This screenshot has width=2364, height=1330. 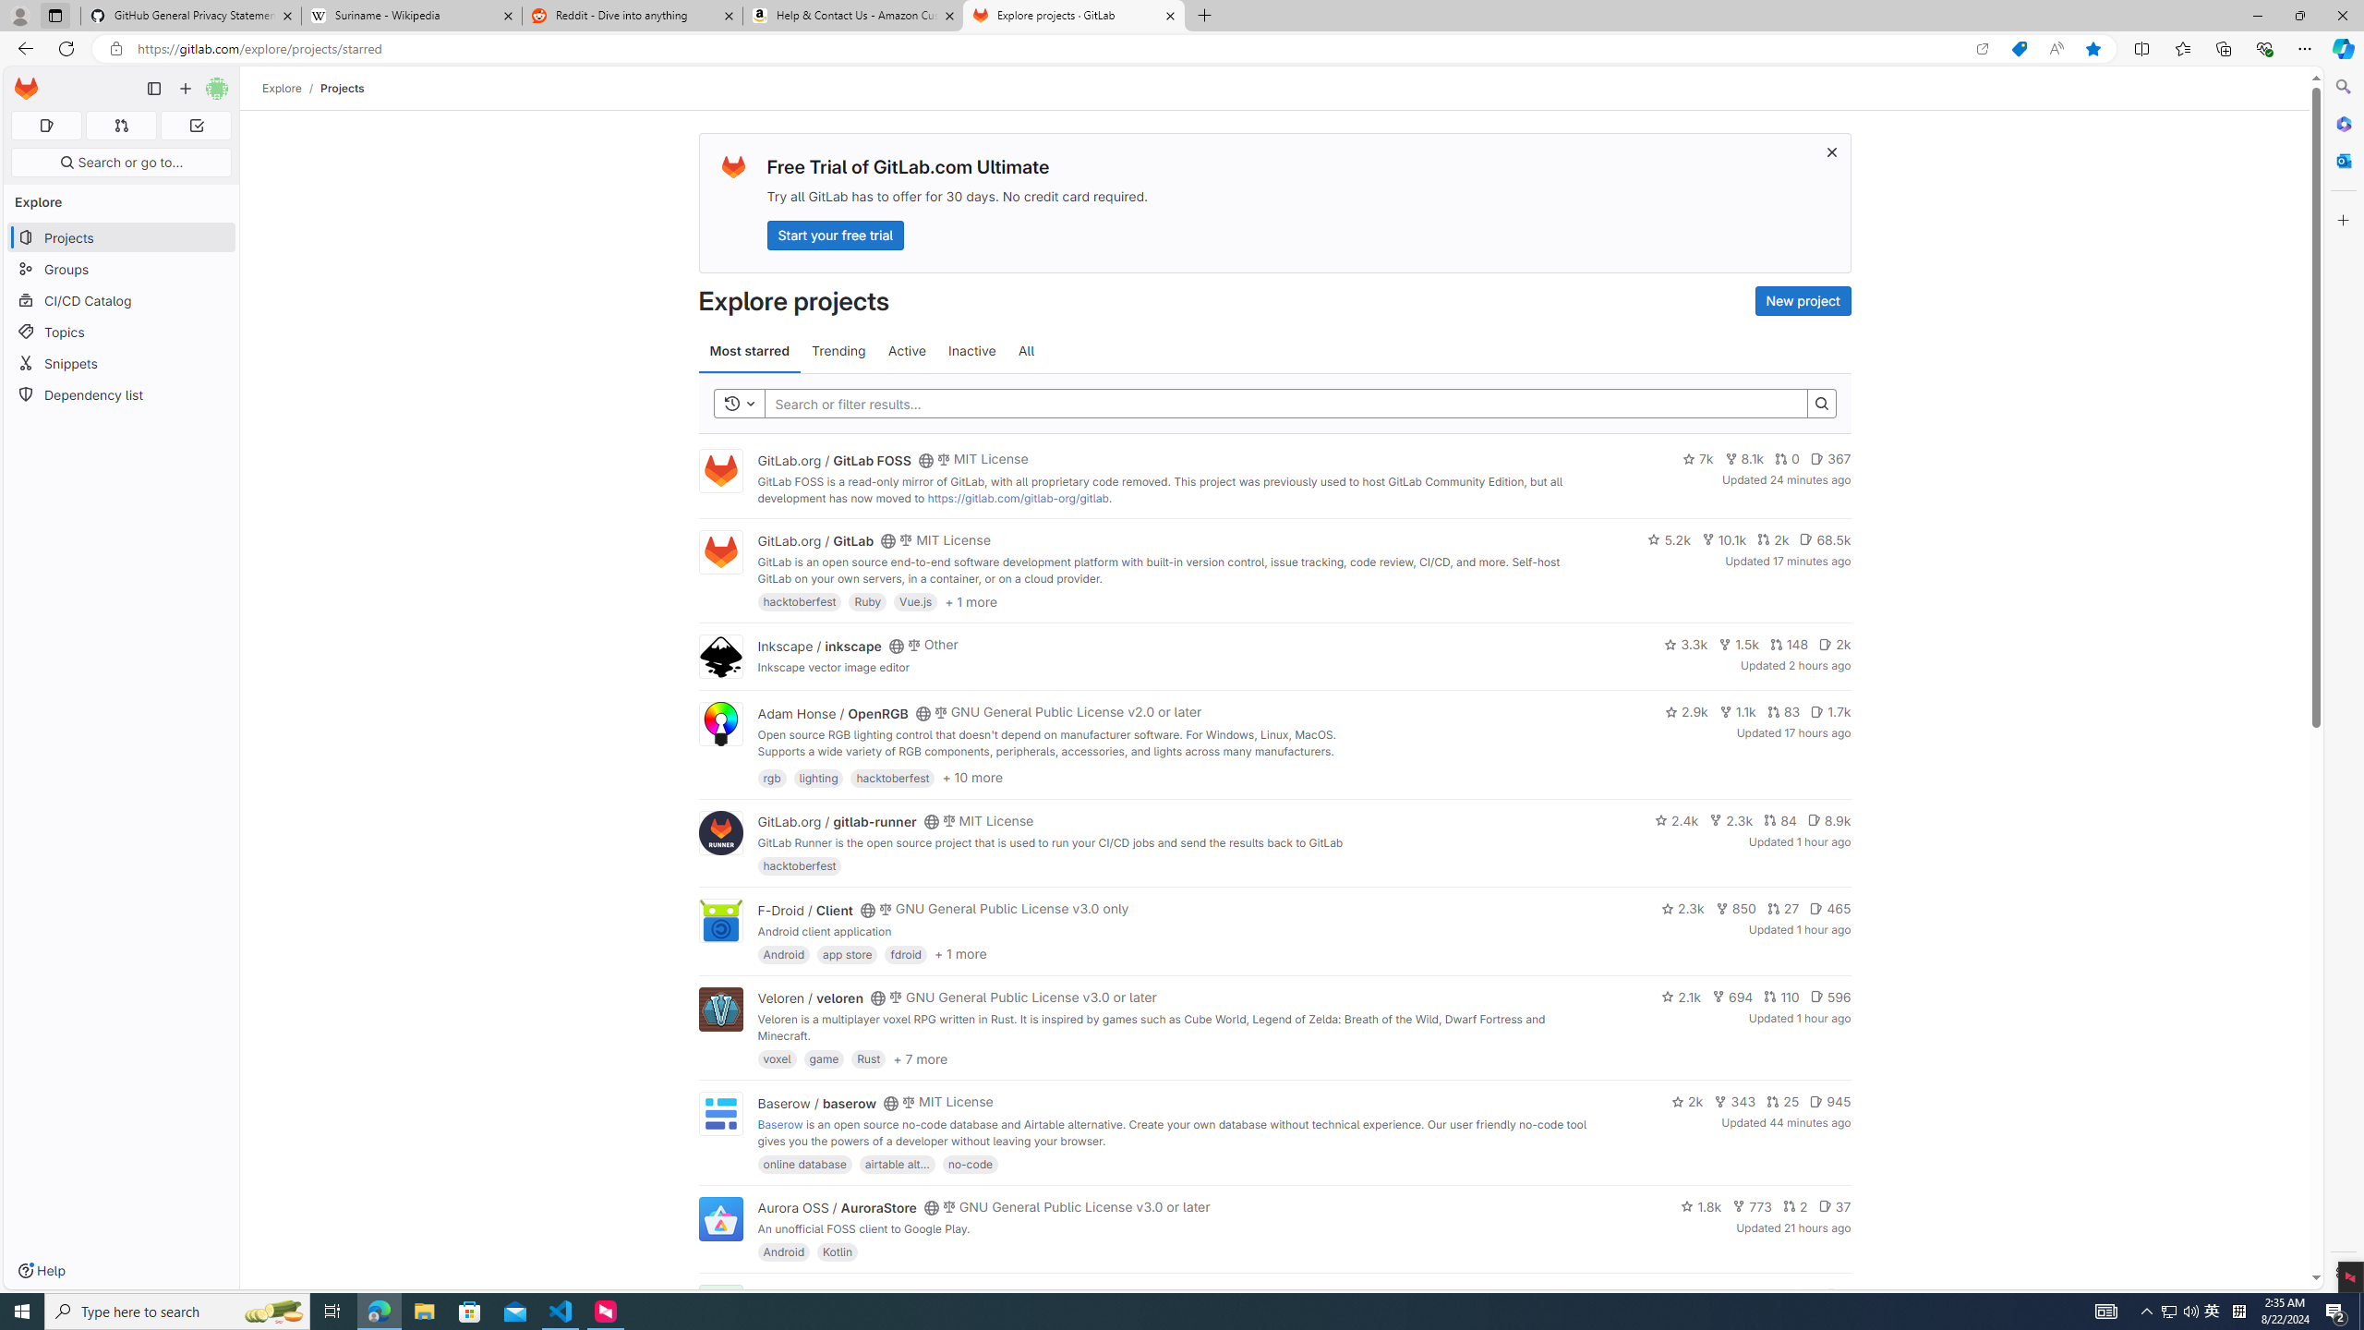 I want to click on '8.1k', so click(x=1743, y=459).